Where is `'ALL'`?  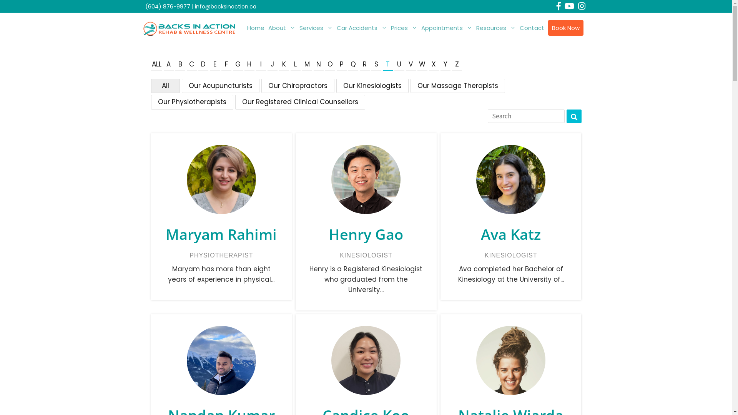 'ALL' is located at coordinates (156, 65).